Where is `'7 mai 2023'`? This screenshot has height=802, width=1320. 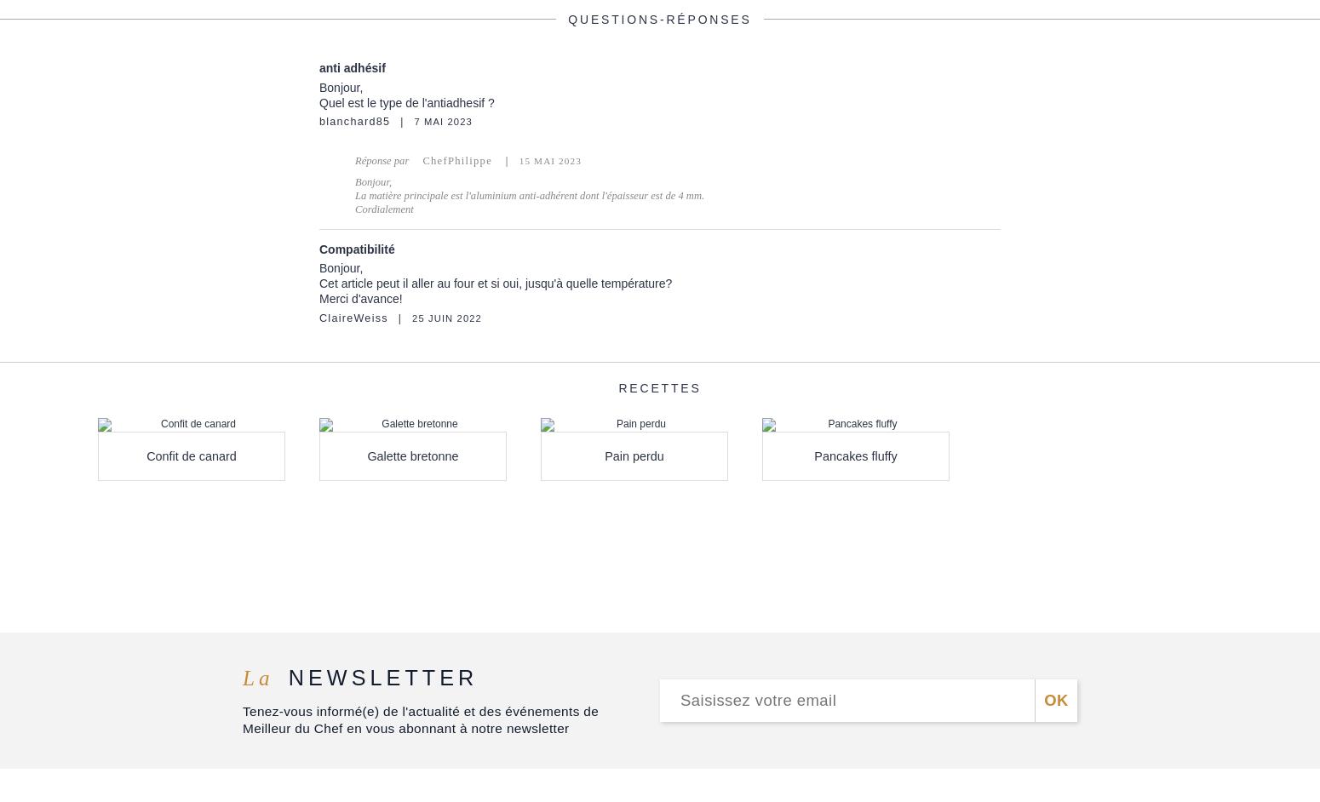
'7 mai 2023' is located at coordinates (442, 120).